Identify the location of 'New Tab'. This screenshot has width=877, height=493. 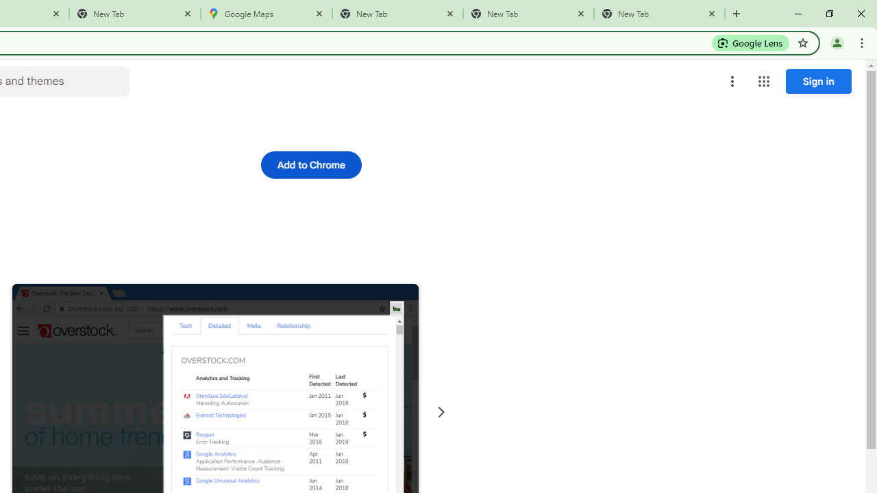
(135, 14).